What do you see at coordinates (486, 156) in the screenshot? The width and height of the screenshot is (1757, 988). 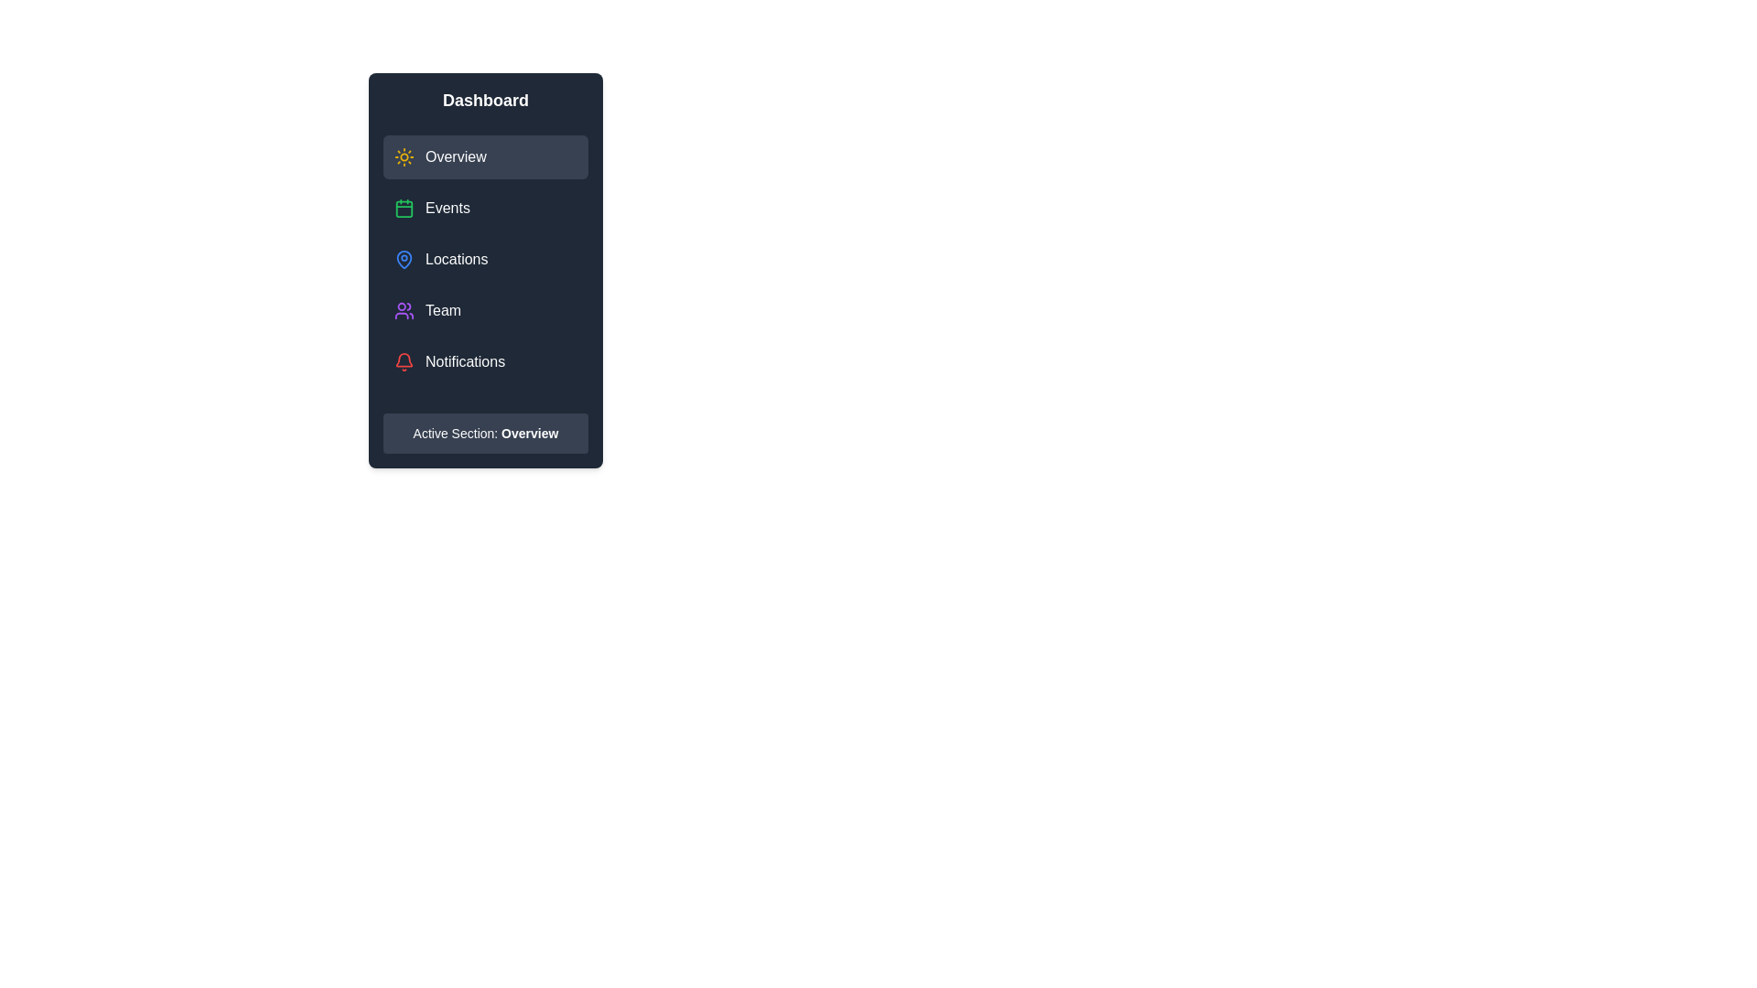 I see `the menu item Overview to navigate to the corresponding section` at bounding box center [486, 156].